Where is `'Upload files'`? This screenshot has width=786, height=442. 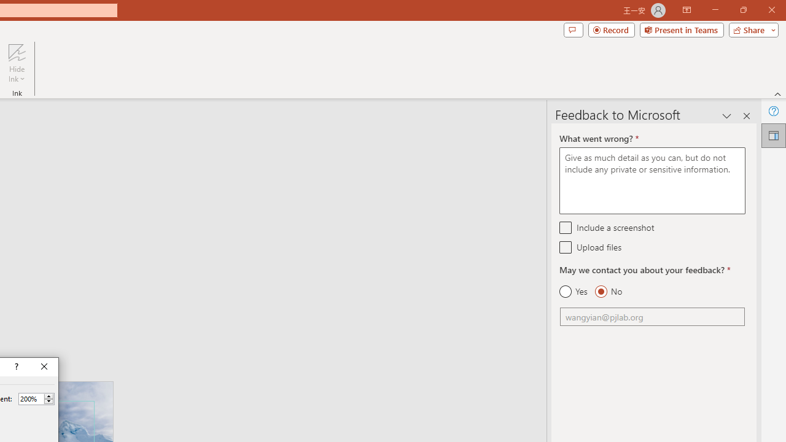 'Upload files' is located at coordinates (565, 247).